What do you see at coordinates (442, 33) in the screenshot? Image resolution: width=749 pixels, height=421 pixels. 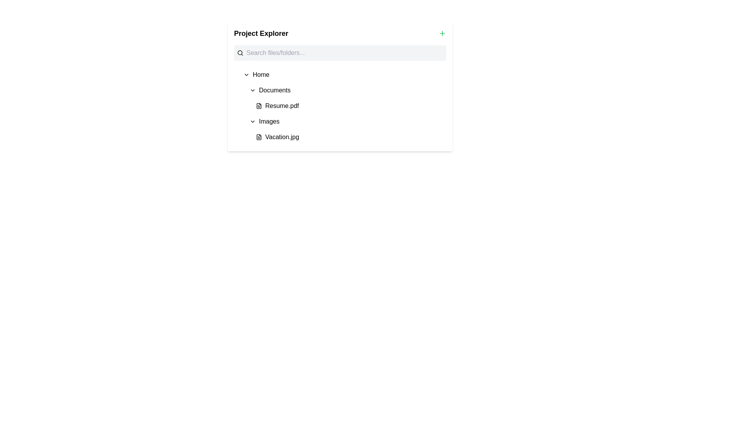 I see `the 'Add' icon/button located to the far right of the 'Project Explorer' section` at bounding box center [442, 33].